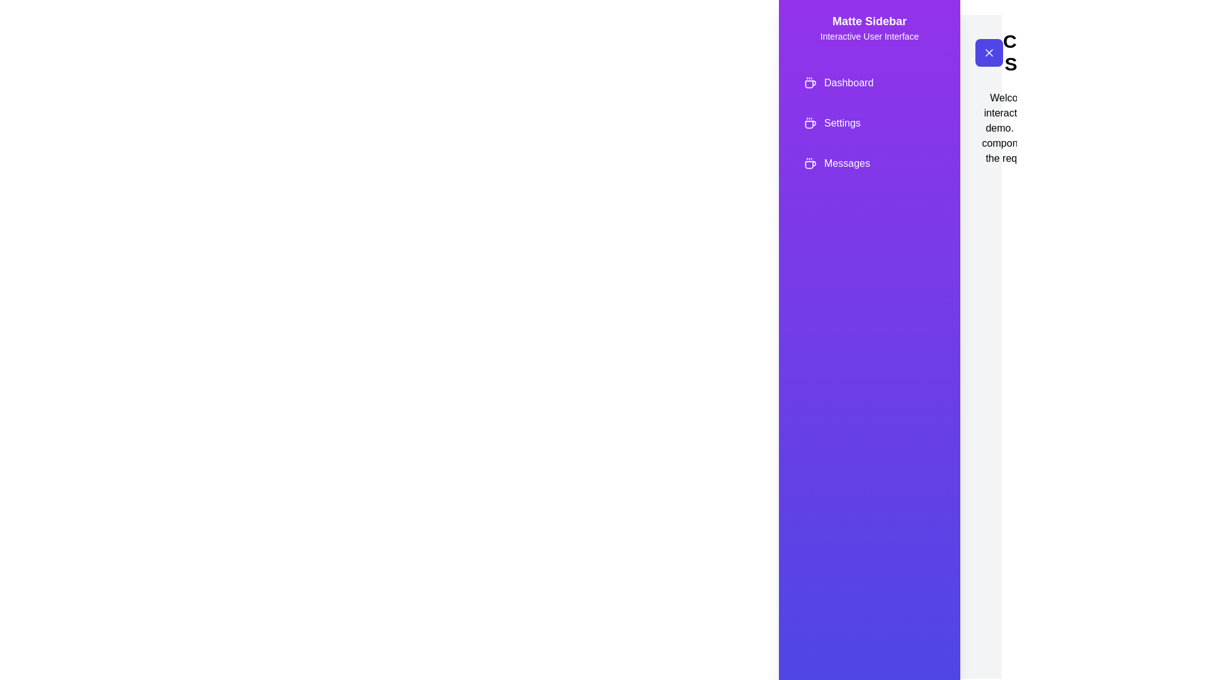 Image resolution: width=1209 pixels, height=680 pixels. Describe the element at coordinates (847, 162) in the screenshot. I see `the text label displaying 'Messages' located in the vertical sidebar on the right side of the interface, below 'Dashboard' and 'Settings'` at that location.